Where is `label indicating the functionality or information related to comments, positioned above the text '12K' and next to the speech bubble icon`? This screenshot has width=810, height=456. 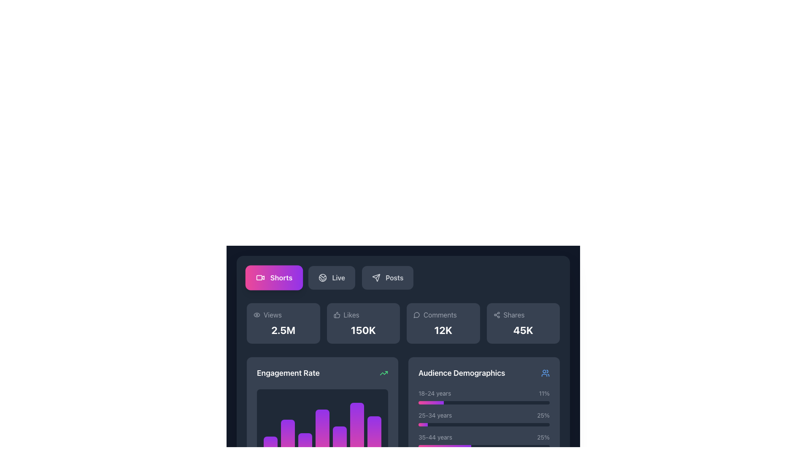 label indicating the functionality or information related to comments, positioned above the text '12K' and next to the speech bubble icon is located at coordinates (443, 315).